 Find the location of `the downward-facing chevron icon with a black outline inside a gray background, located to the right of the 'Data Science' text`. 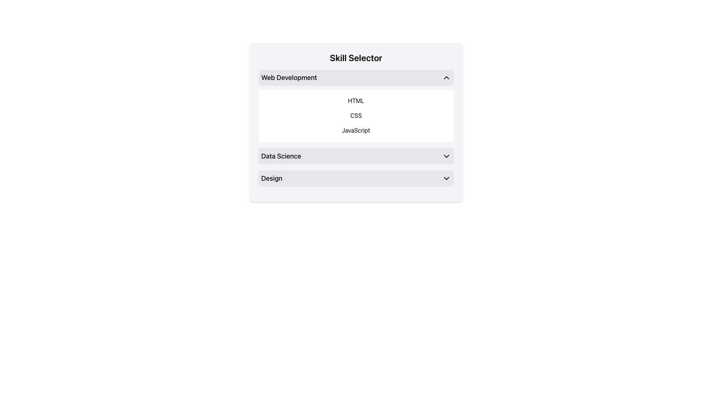

the downward-facing chevron icon with a black outline inside a gray background, located to the right of the 'Data Science' text is located at coordinates (446, 156).